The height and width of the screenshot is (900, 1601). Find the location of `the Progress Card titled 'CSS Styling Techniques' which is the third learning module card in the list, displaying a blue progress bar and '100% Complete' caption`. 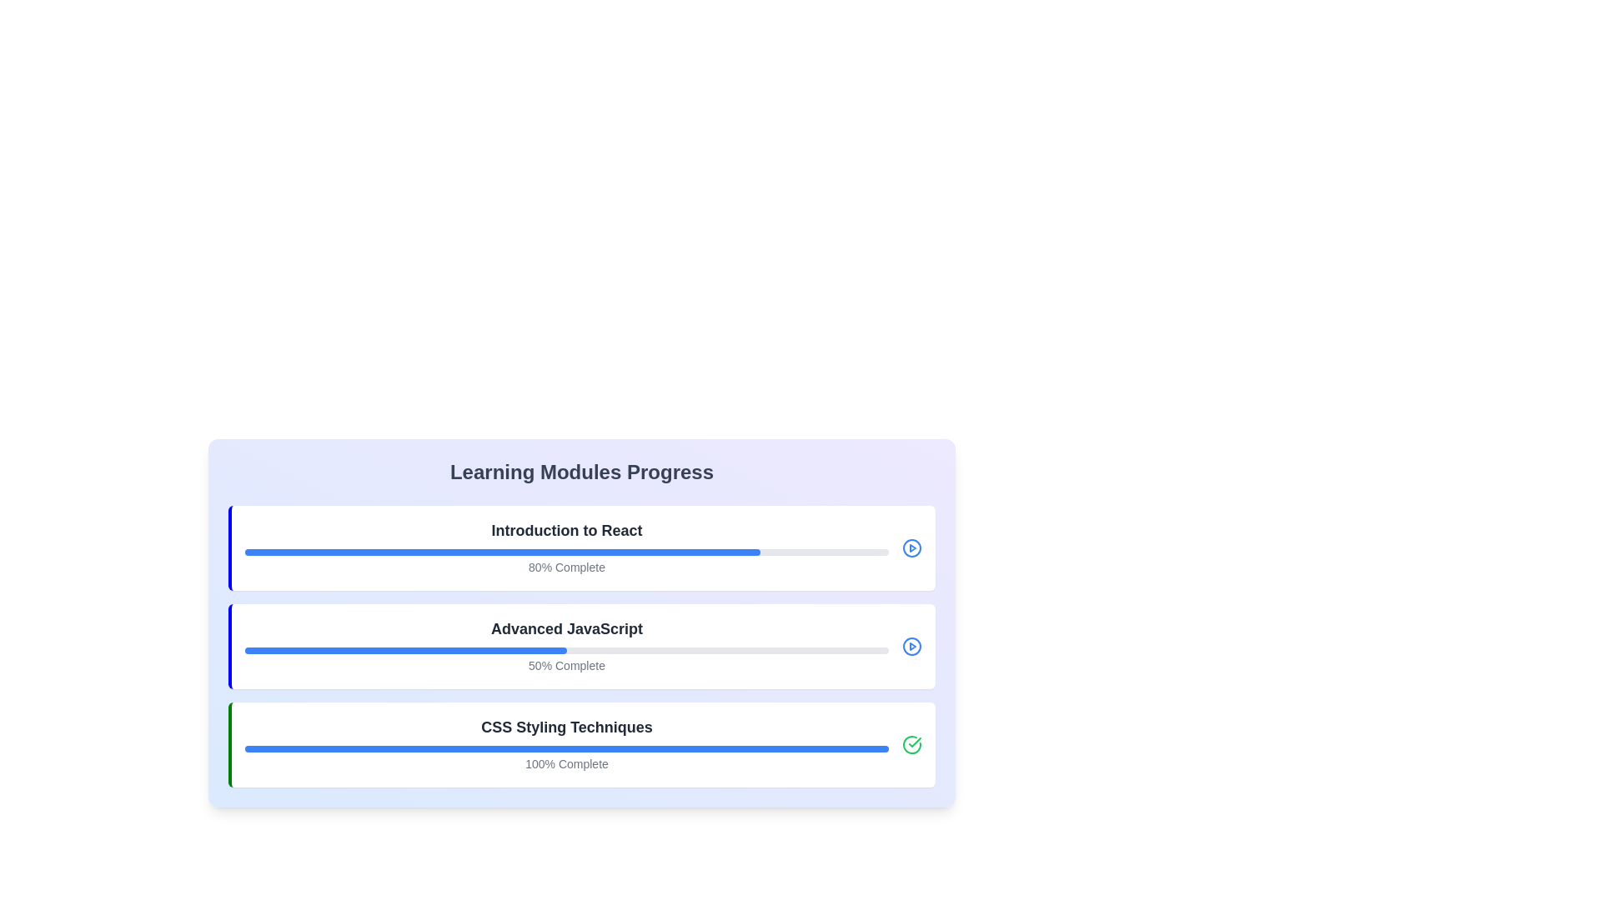

the Progress Card titled 'CSS Styling Techniques' which is the third learning module card in the list, displaying a blue progress bar and '100% Complete' caption is located at coordinates (567, 744).